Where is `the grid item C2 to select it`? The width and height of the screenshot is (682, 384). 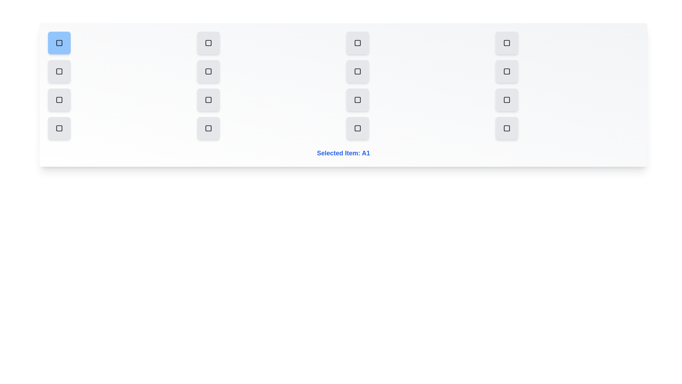 the grid item C2 to select it is located at coordinates (208, 100).